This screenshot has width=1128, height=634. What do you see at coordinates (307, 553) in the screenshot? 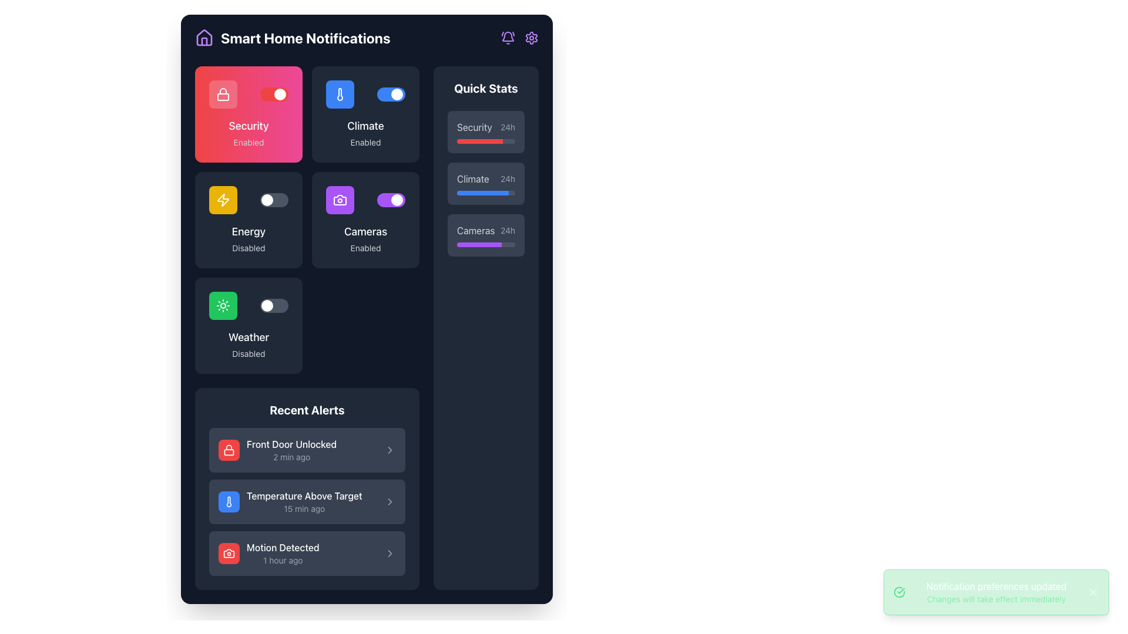
I see `the Notification block displaying 'Motion Detected'` at bounding box center [307, 553].